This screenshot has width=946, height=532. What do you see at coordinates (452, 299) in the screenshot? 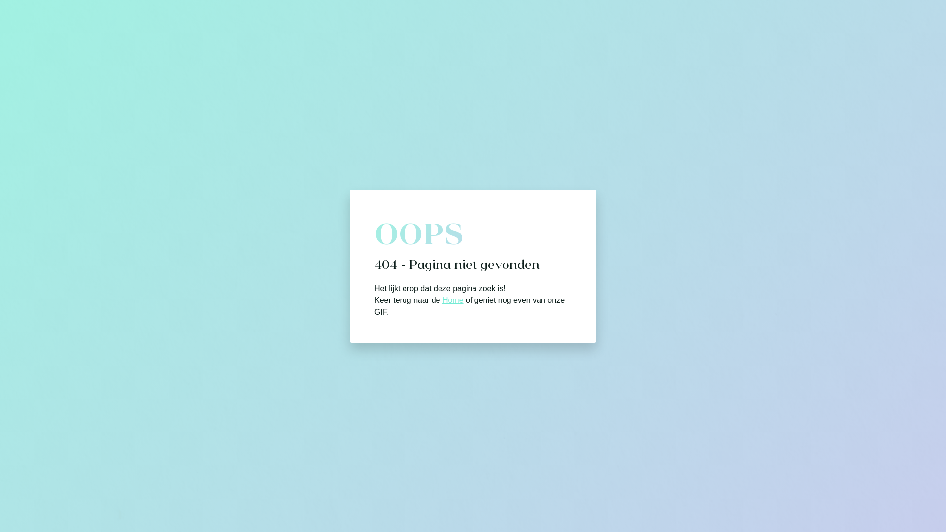
I see `'Home'` at bounding box center [452, 299].